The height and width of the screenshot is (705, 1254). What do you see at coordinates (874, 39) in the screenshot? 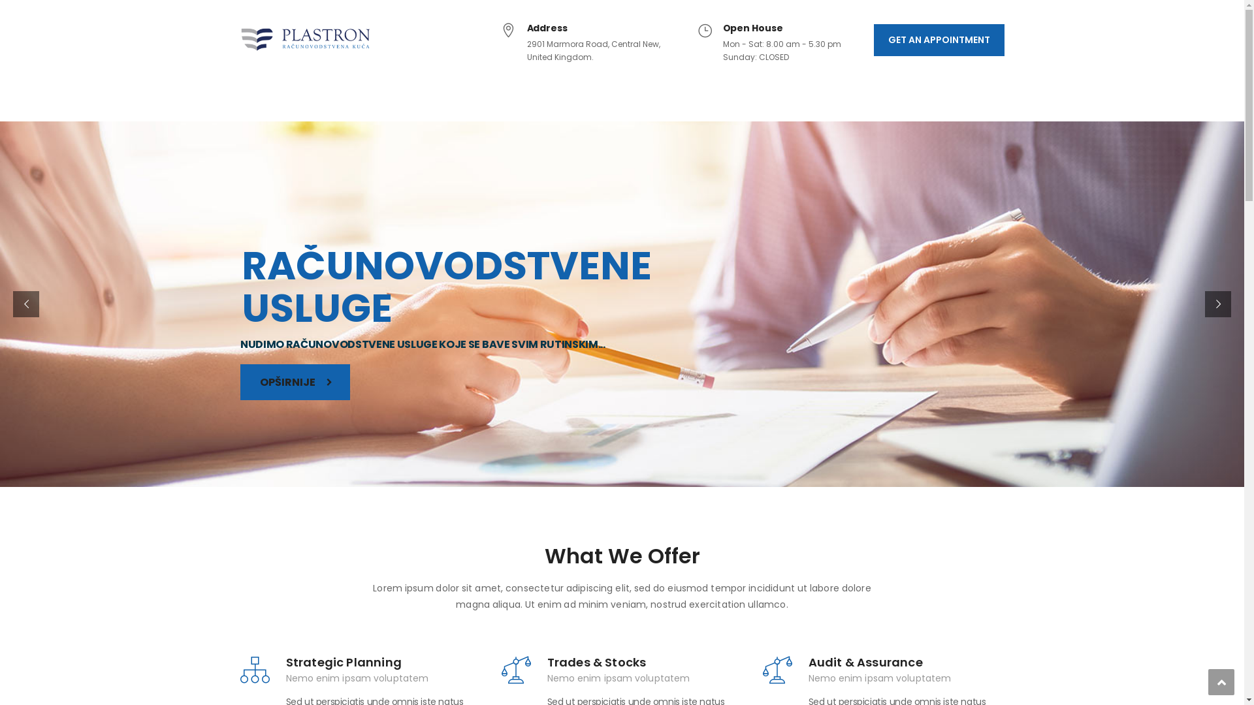
I see `'GET AN APPOINTMENT'` at bounding box center [874, 39].